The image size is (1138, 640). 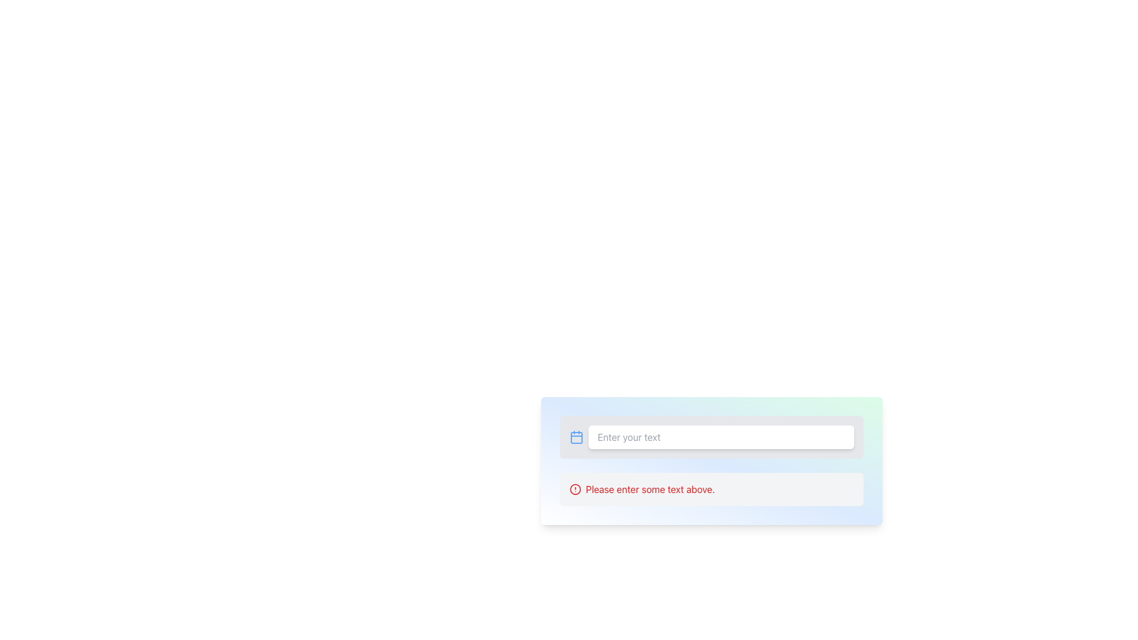 I want to click on the Informational Validation Message that displays 'Please enter some text above.' with a gray background and a red warning icon, located below the input field with the placeholder 'Enter your text', so click(x=711, y=489).